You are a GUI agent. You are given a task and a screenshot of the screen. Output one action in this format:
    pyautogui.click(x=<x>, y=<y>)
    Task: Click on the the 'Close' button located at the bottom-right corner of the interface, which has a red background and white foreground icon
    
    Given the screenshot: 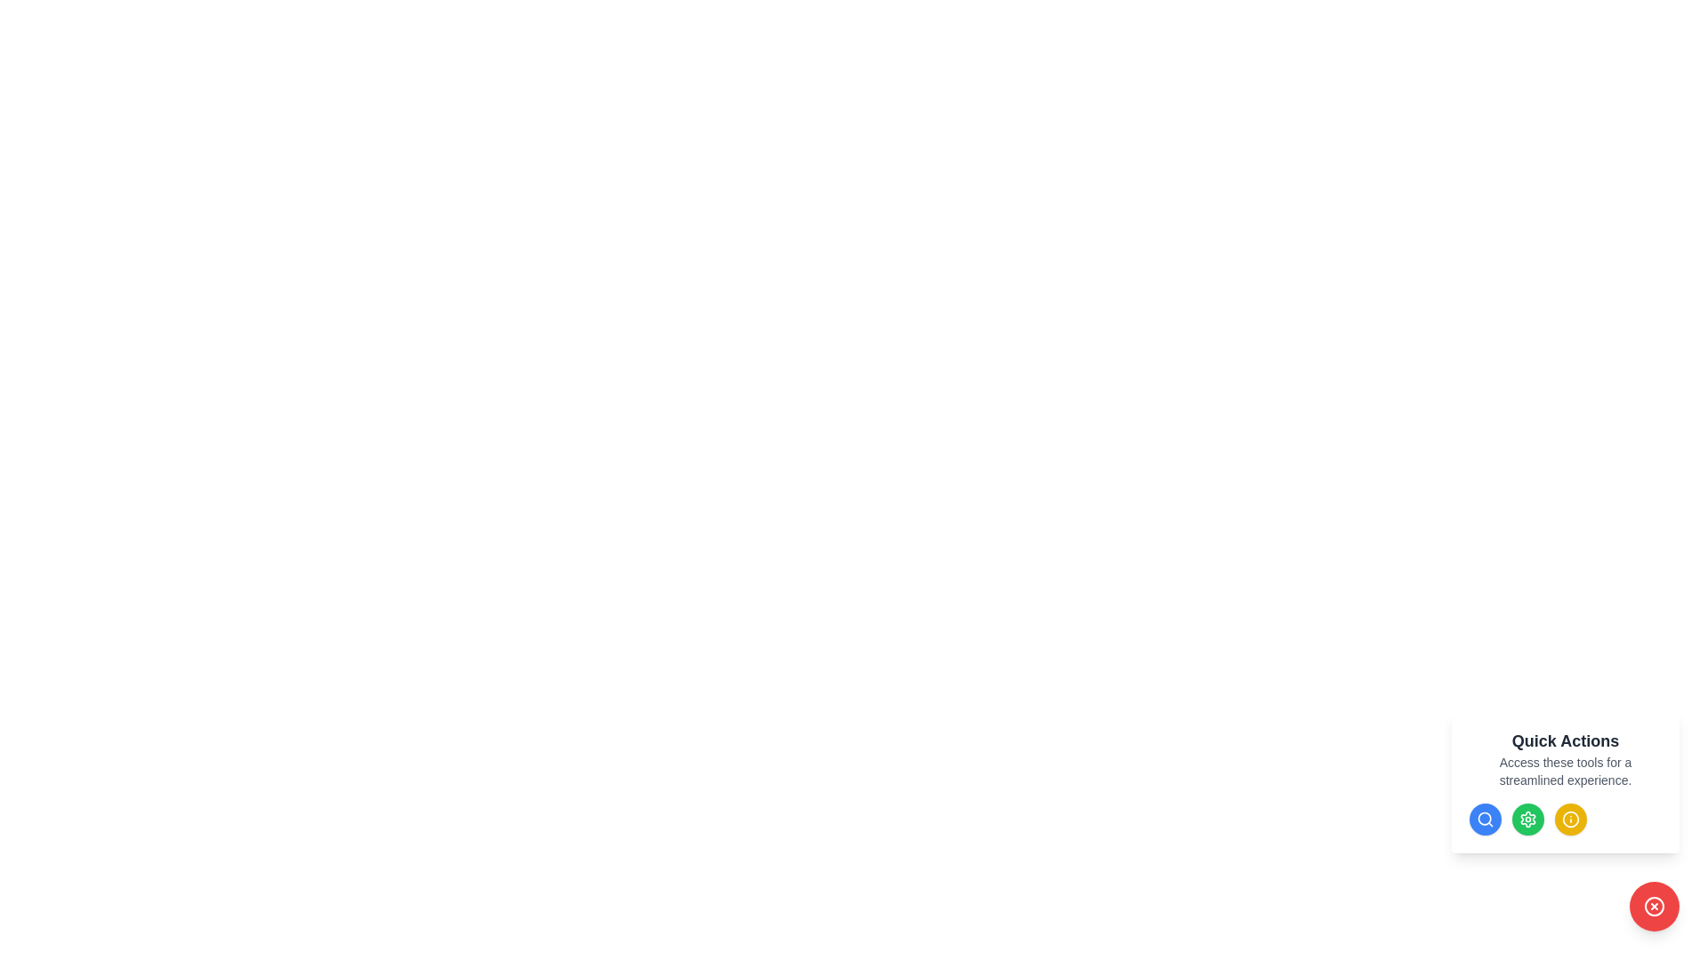 What is the action you would take?
    pyautogui.click(x=1654, y=906)
    